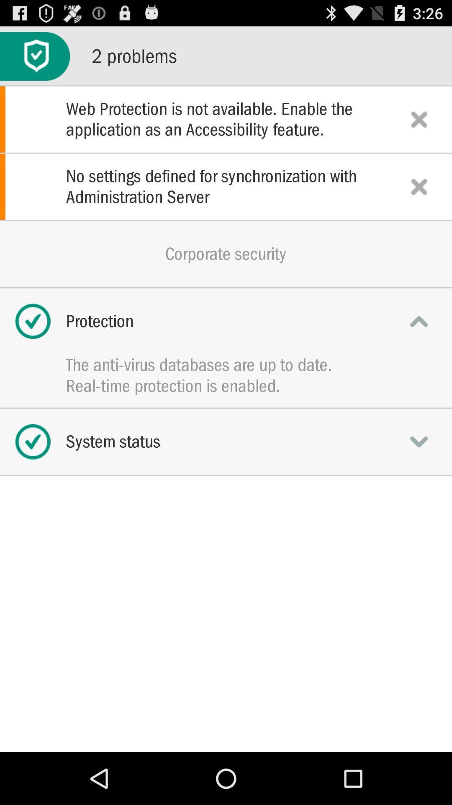 The image size is (452, 805). Describe the element at coordinates (419, 321) in the screenshot. I see `hide status` at that location.